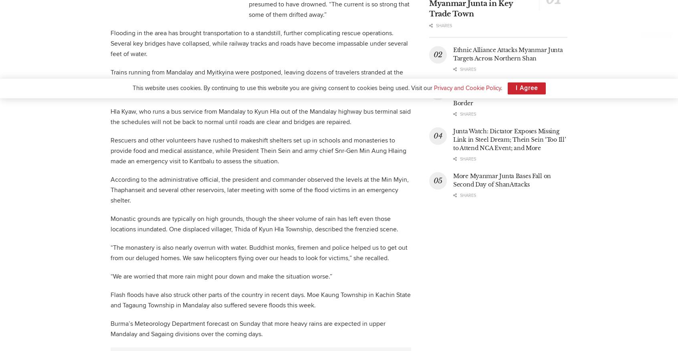 The width and height of the screenshot is (678, 351). I want to click on 'Ethnic Alliance Report Rapid Gains From Myanmar Junta Along Chinese Border', so click(504, 94).